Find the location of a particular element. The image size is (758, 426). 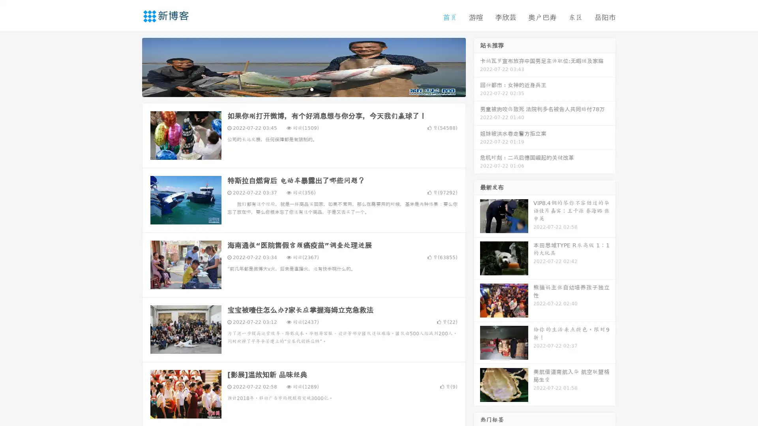

Go to slide 3 is located at coordinates (311, 89).